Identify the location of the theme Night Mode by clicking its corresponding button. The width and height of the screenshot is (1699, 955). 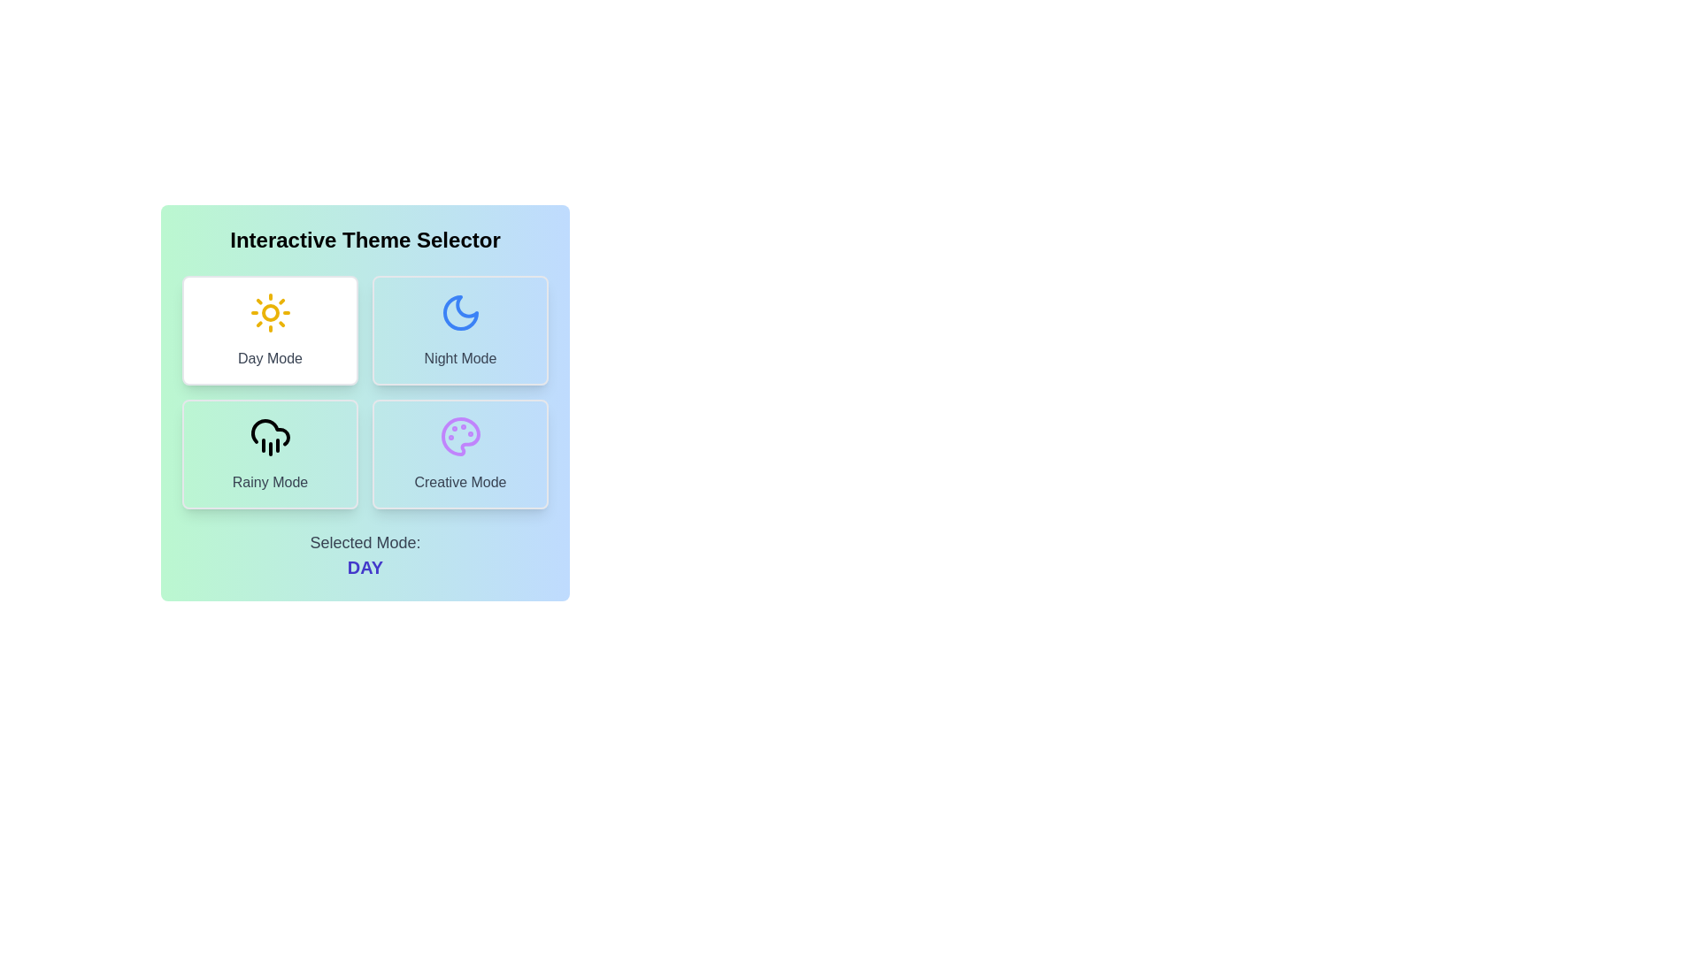
(460, 331).